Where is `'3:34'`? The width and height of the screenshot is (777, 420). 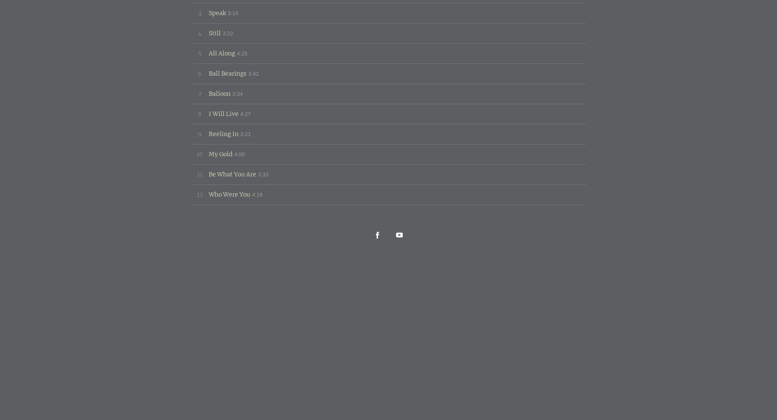
'3:34' is located at coordinates (232, 93).